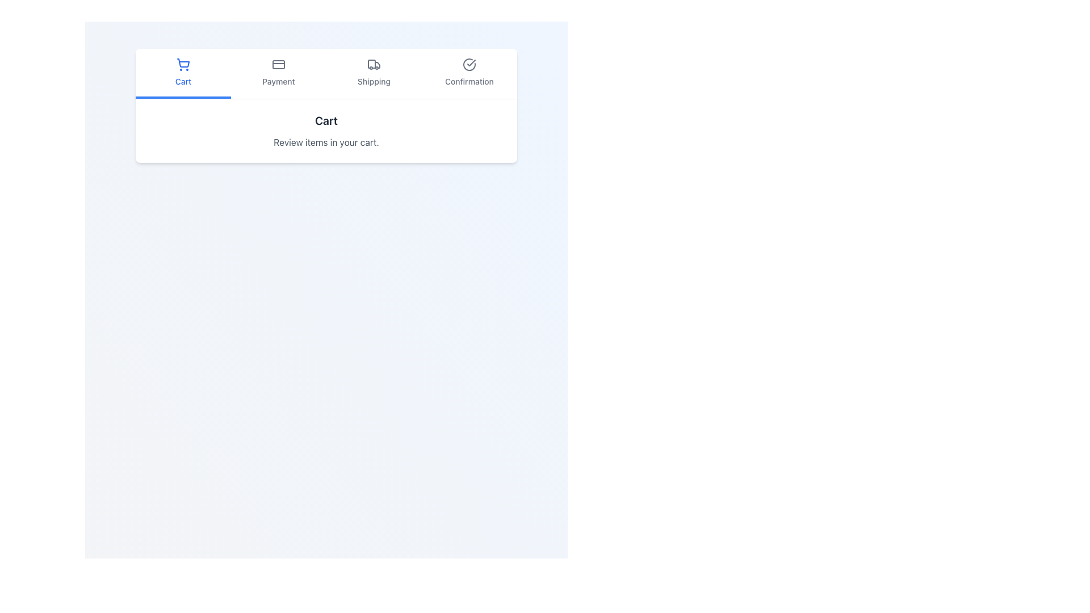 This screenshot has height=613, width=1090. What do you see at coordinates (326, 106) in the screenshot?
I see `the multi-step progress bar indicating the current step 'Cart'` at bounding box center [326, 106].